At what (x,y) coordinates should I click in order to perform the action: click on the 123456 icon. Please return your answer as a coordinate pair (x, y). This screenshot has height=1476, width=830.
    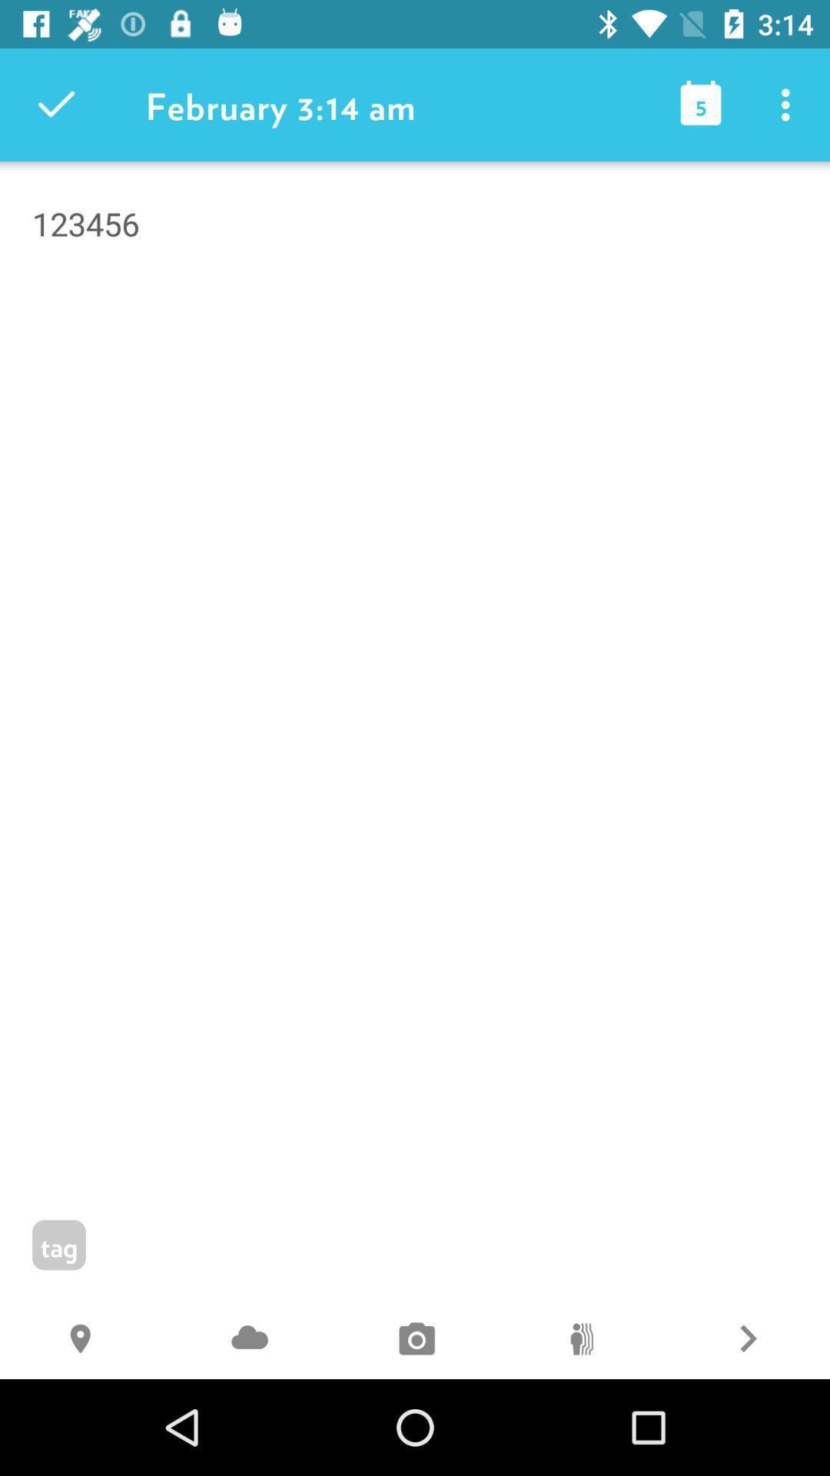
    Looking at the image, I should click on (415, 304).